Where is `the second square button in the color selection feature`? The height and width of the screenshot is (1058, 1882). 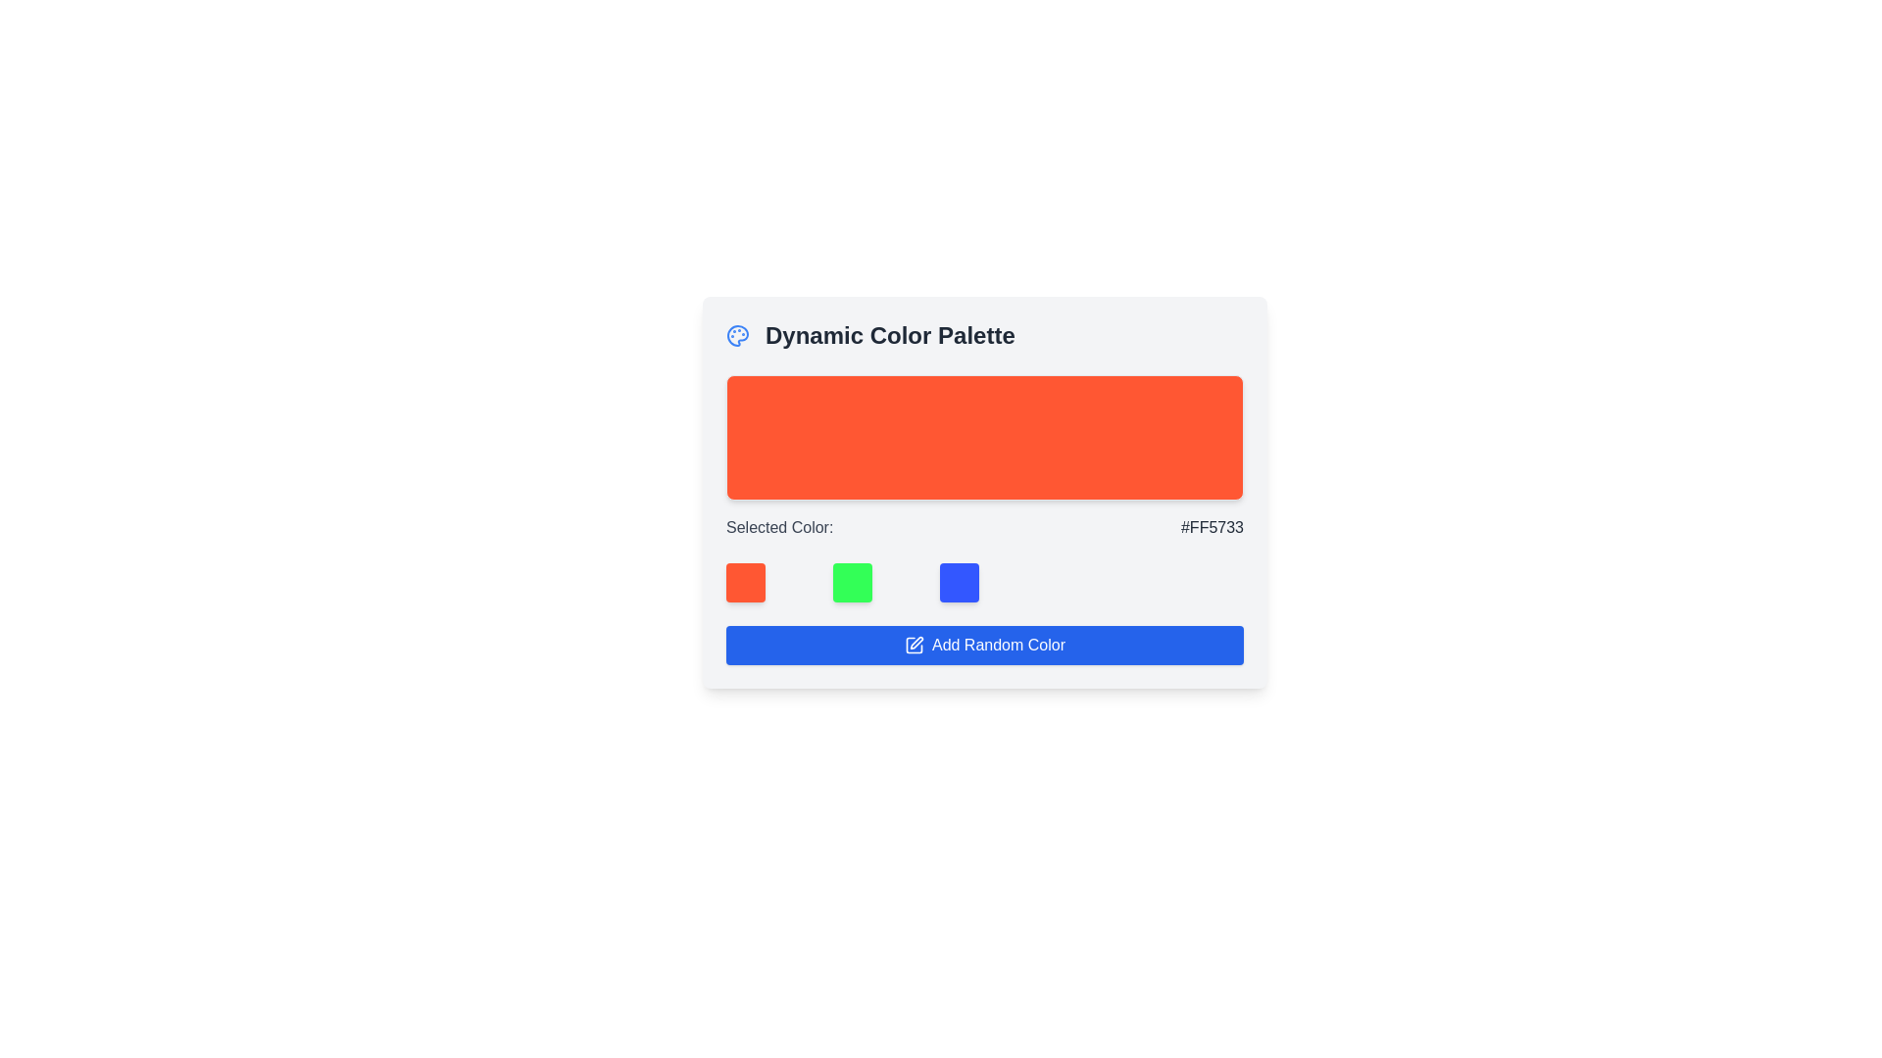 the second square button in the color selection feature is located at coordinates (852, 581).